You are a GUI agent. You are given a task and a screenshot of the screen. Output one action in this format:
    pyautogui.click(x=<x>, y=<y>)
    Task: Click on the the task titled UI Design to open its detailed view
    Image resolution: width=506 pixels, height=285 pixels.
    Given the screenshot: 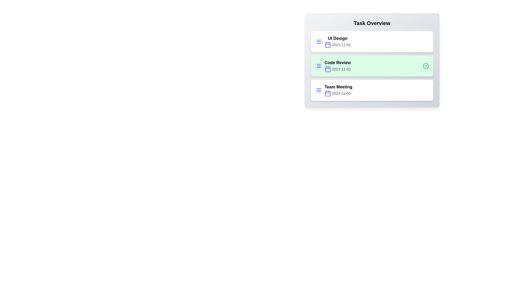 What is the action you would take?
    pyautogui.click(x=372, y=41)
    